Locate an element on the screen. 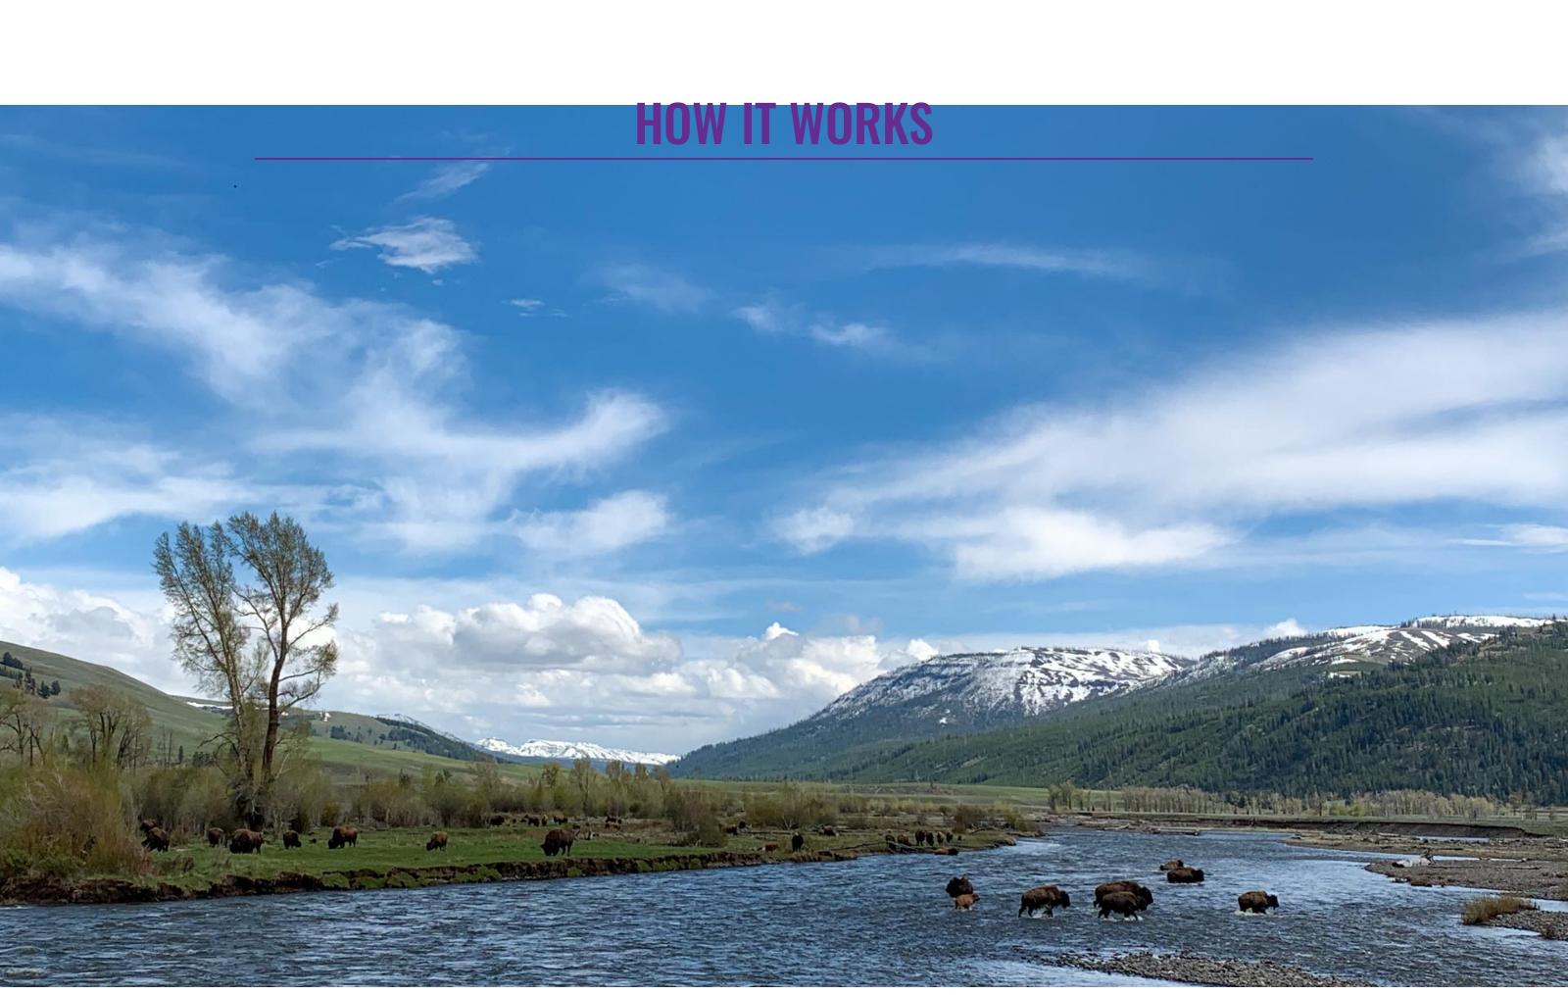 The image size is (1568, 995). 'HOW IT WORKS' is located at coordinates (634, 120).